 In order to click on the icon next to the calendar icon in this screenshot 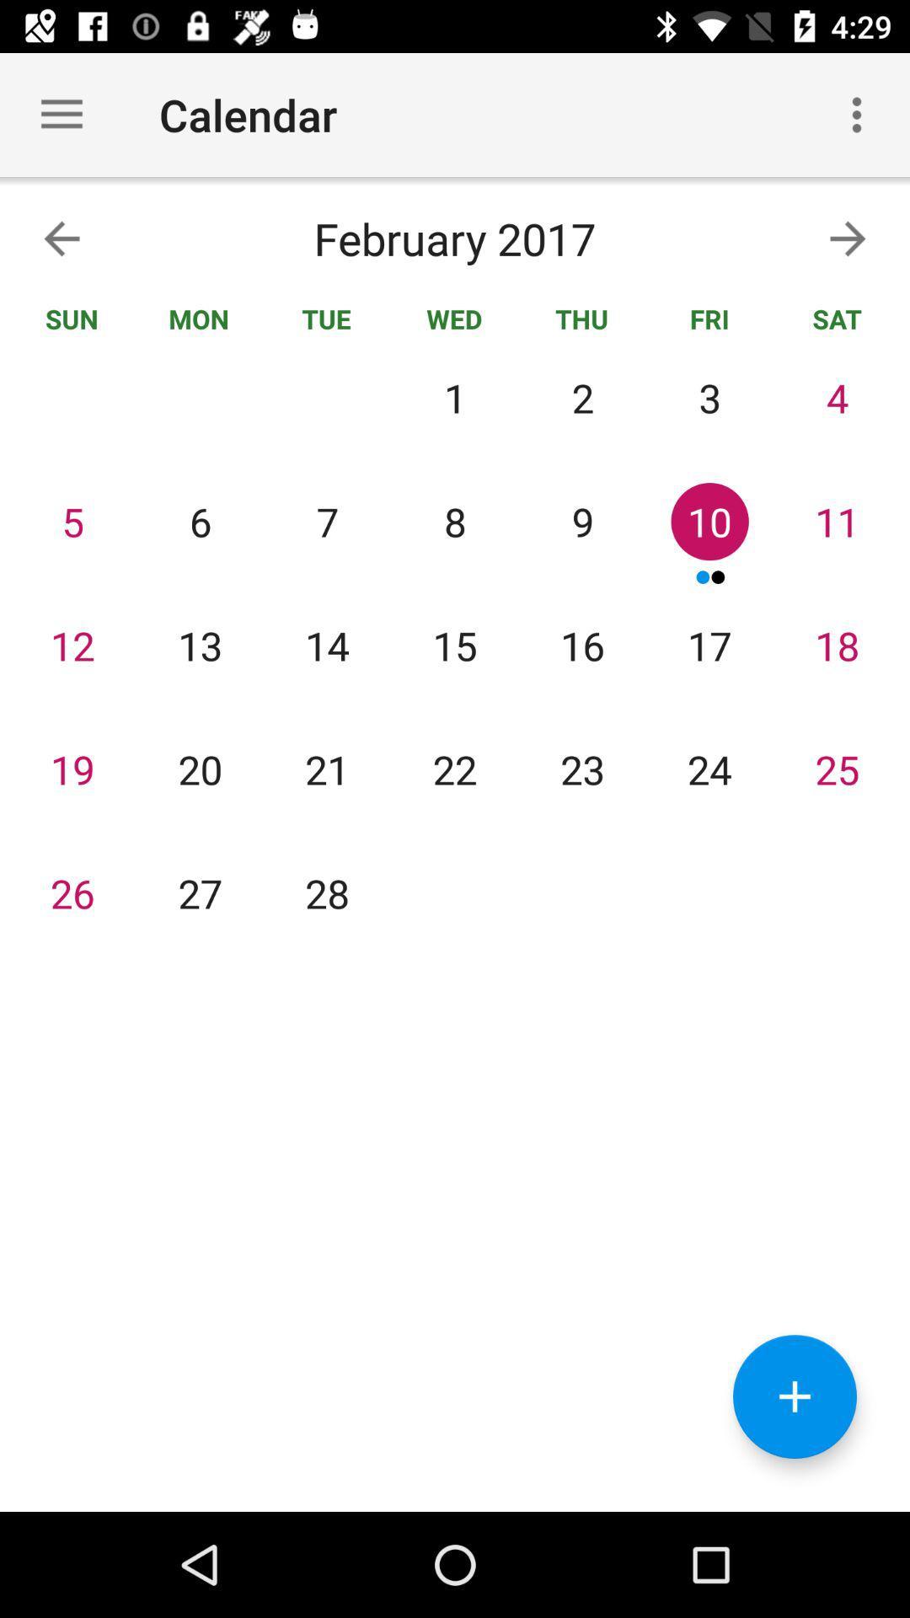, I will do `click(857, 114)`.